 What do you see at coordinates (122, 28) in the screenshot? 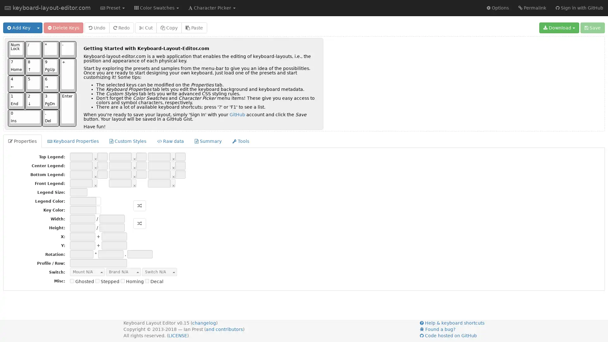
I see `Redo` at bounding box center [122, 28].